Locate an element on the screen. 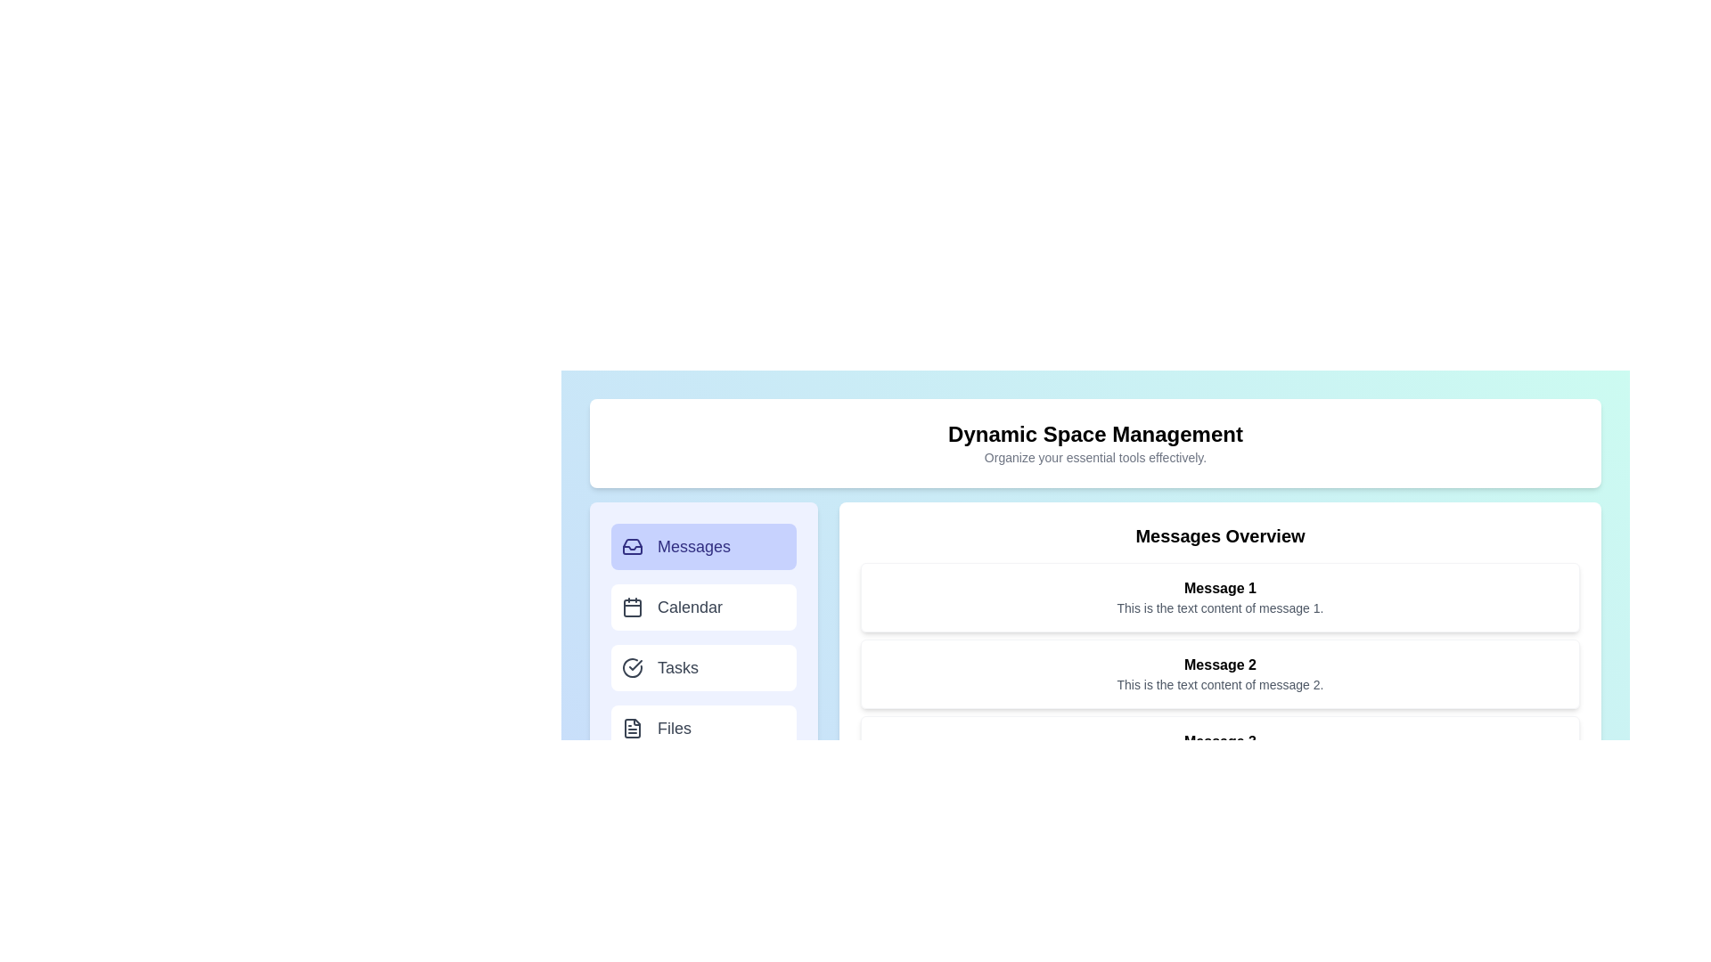 The height and width of the screenshot is (962, 1711). the message card displayed under the 'Messages Overview' header, which is the first item in the list of messages is located at coordinates (1219, 598).